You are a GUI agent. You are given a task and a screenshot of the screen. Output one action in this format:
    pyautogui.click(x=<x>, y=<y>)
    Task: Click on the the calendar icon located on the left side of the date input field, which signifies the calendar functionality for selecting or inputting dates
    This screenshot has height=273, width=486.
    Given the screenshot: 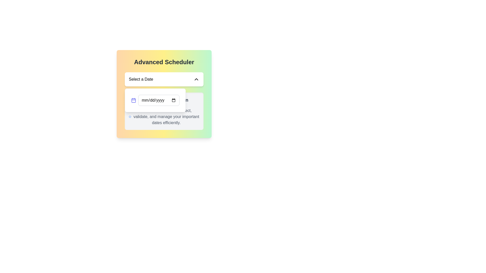 What is the action you would take?
    pyautogui.click(x=134, y=100)
    